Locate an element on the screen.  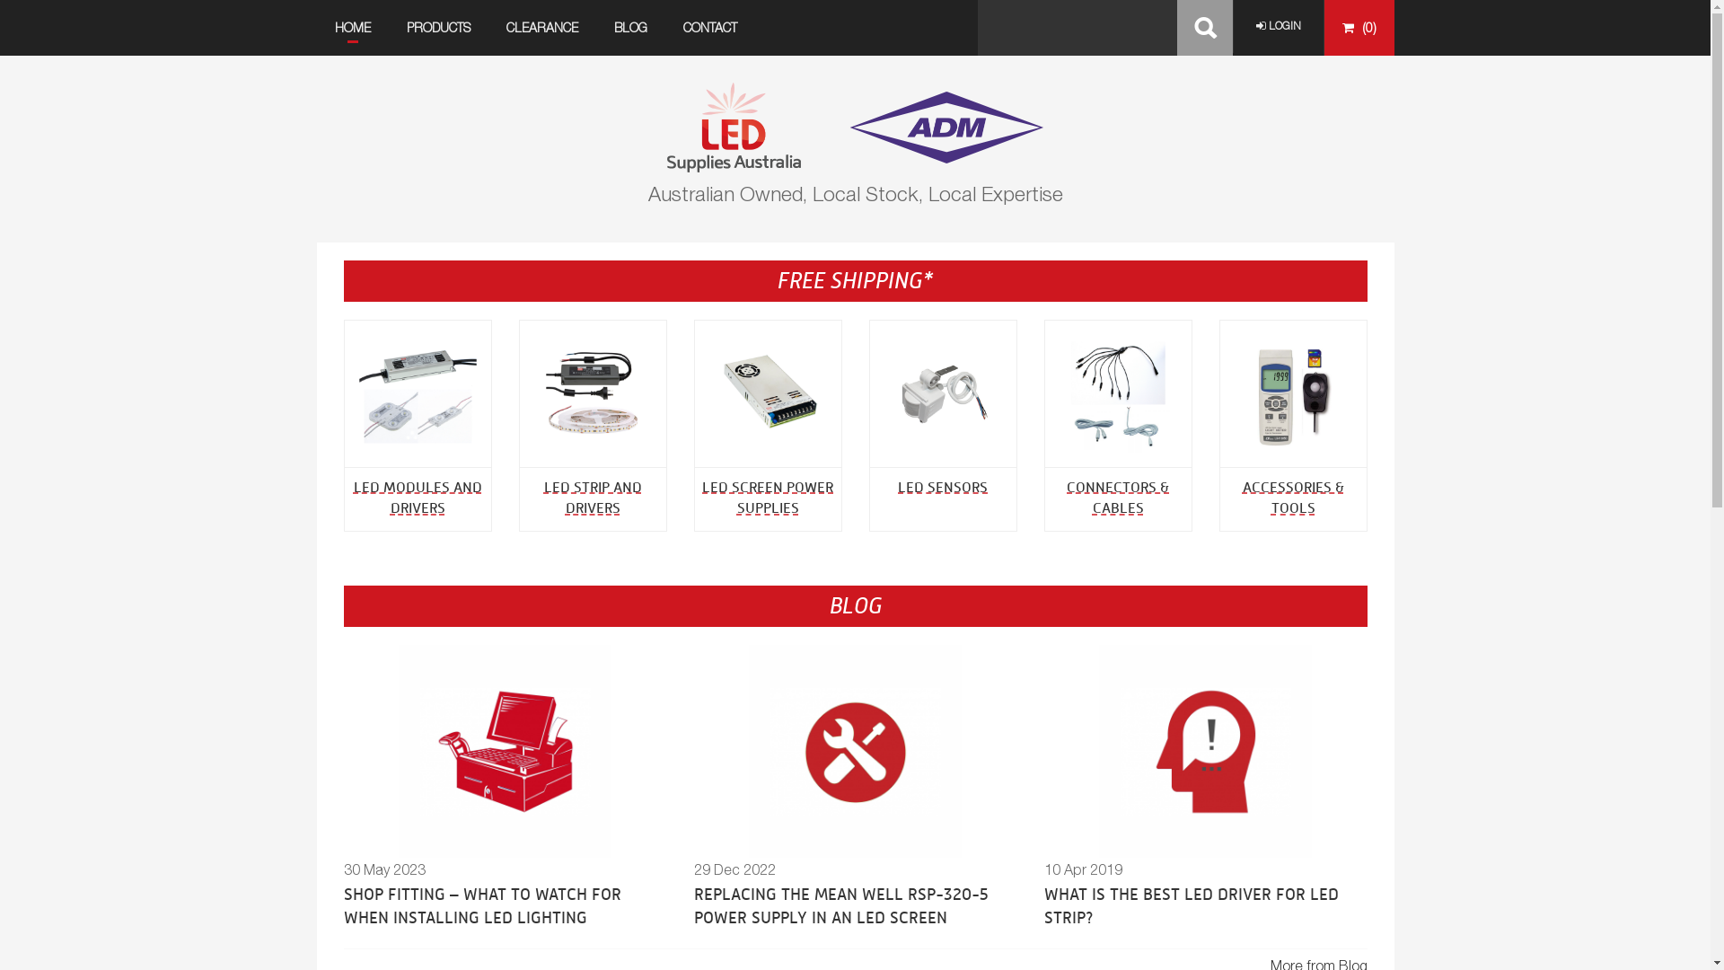
'LOGIN' is located at coordinates (1276, 26).